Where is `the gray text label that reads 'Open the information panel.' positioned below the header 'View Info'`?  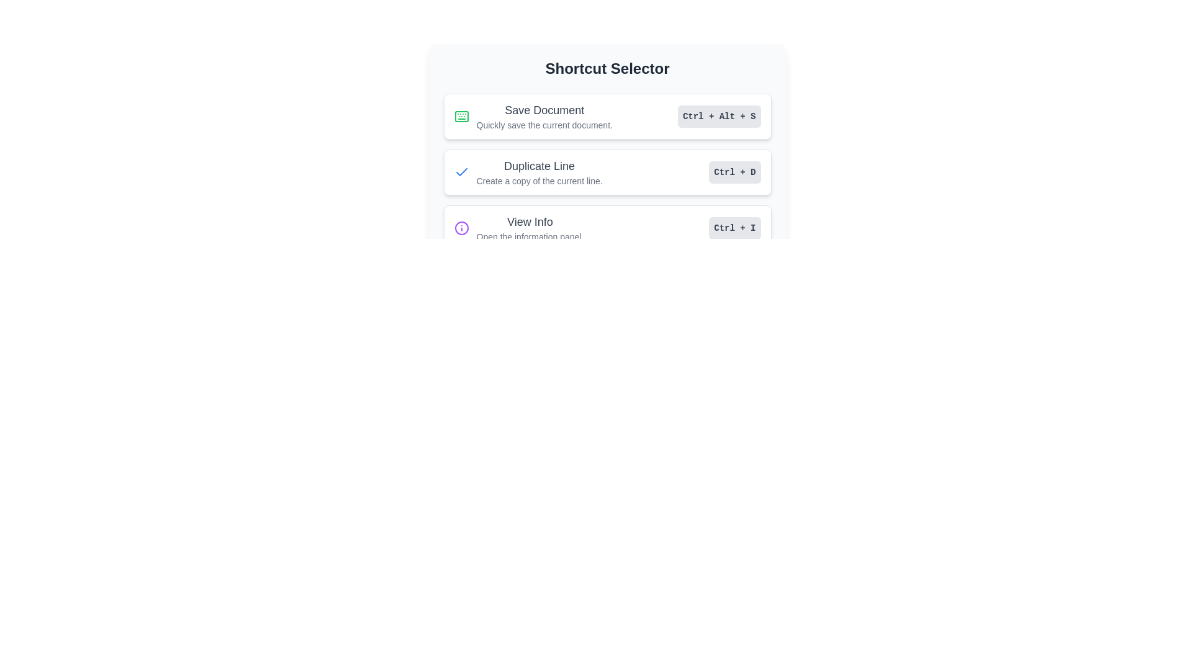 the gray text label that reads 'Open the information panel.' positioned below the header 'View Info' is located at coordinates (530, 236).